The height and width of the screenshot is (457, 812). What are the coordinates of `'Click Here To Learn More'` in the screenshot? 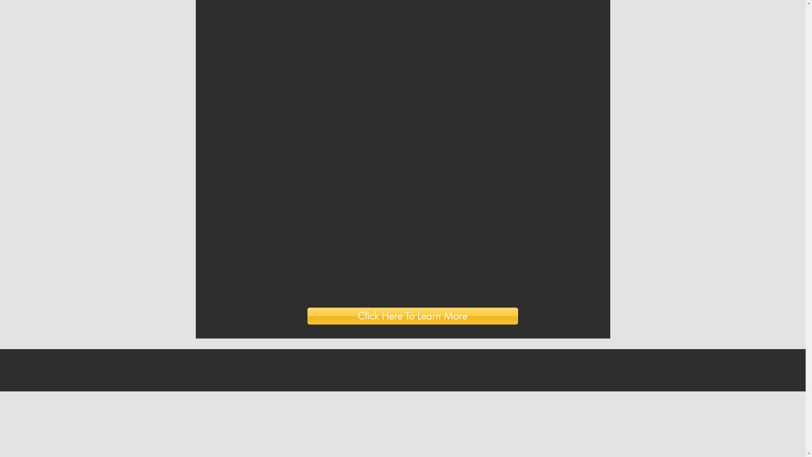 It's located at (412, 316).